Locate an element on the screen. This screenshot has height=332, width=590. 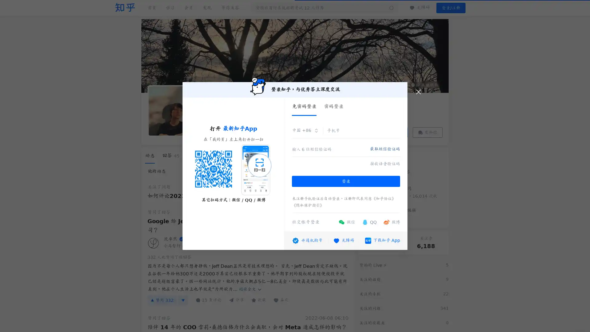
332 is located at coordinates (162, 299).